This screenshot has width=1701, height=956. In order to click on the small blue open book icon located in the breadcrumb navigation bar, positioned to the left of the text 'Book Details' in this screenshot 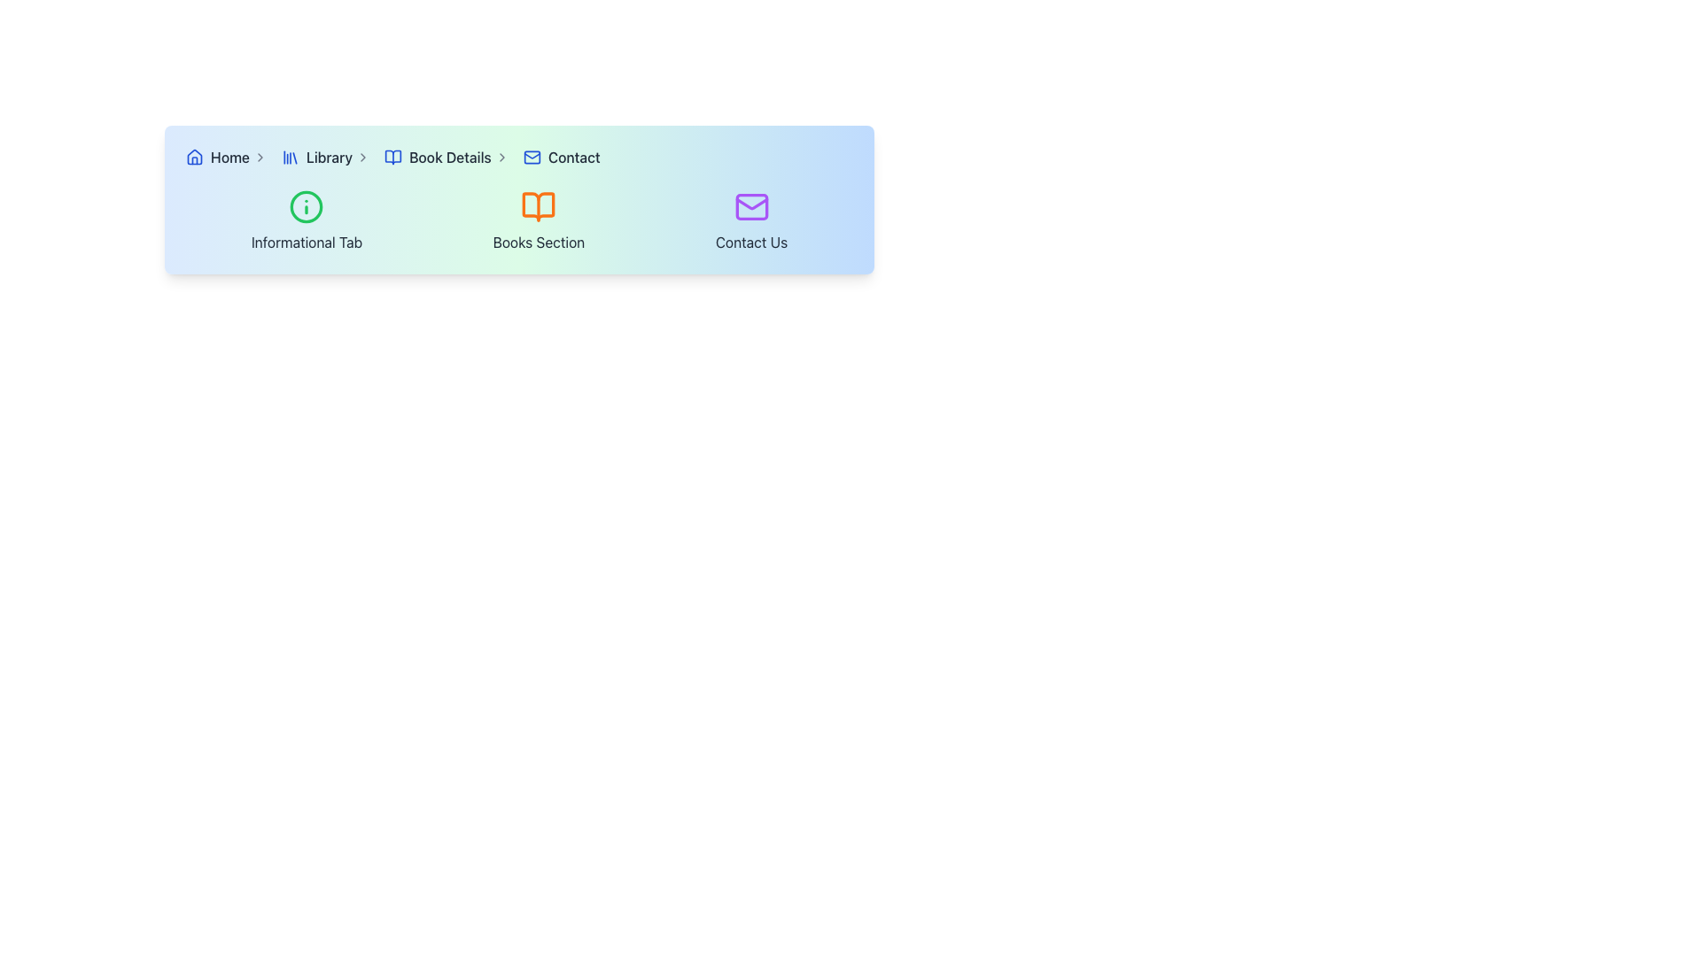, I will do `click(392, 156)`.